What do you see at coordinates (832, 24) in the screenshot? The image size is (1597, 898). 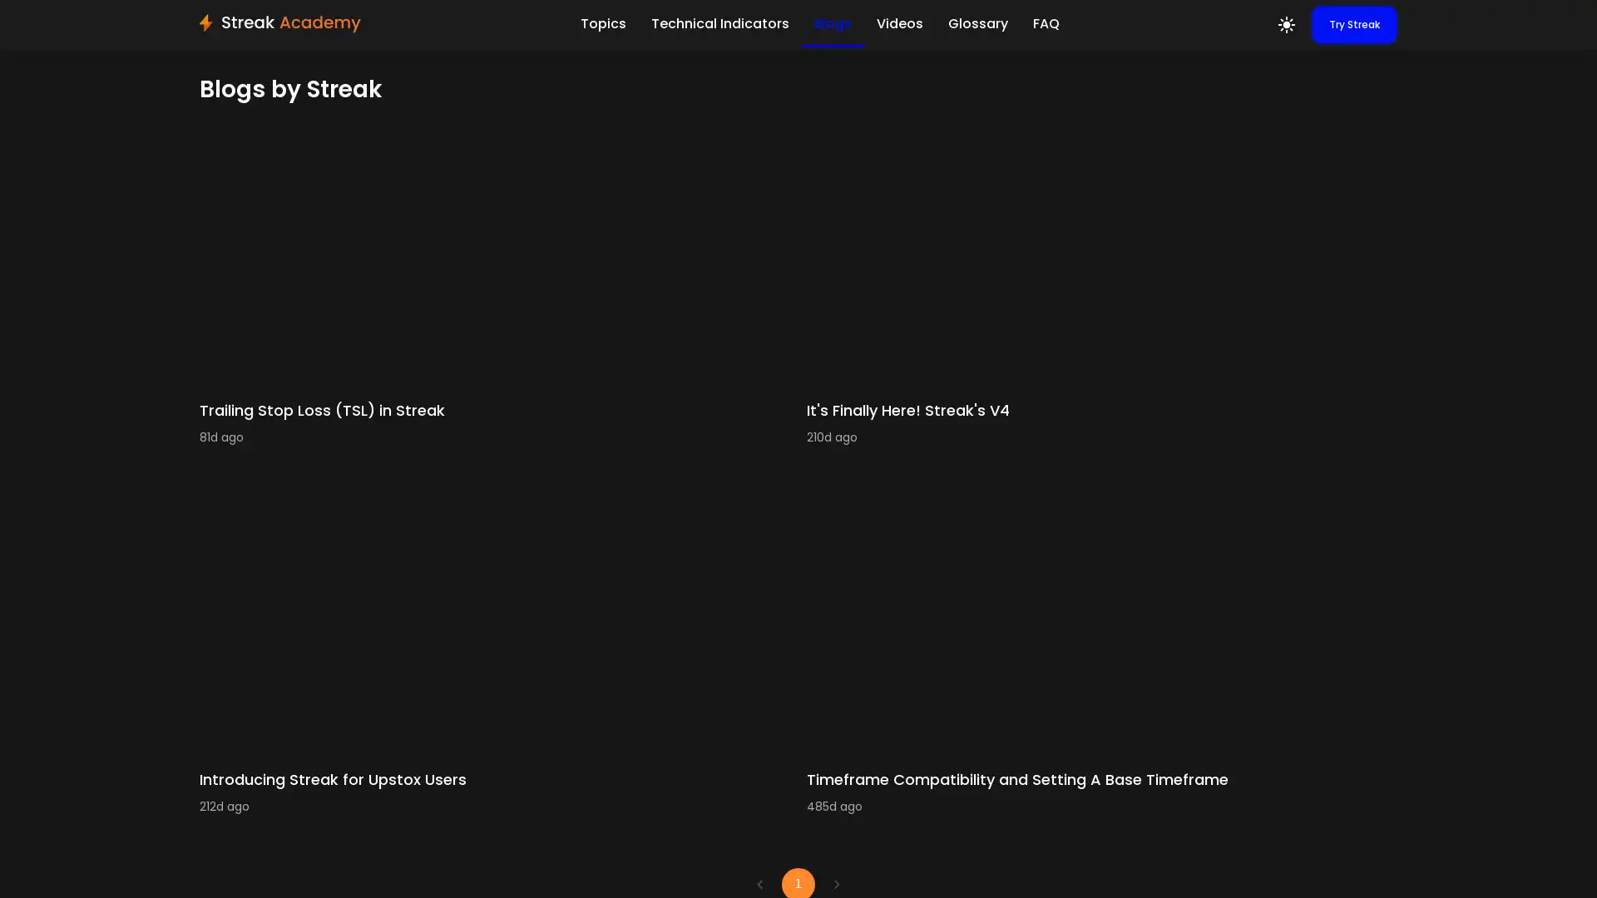 I see `Blogs` at bounding box center [832, 24].